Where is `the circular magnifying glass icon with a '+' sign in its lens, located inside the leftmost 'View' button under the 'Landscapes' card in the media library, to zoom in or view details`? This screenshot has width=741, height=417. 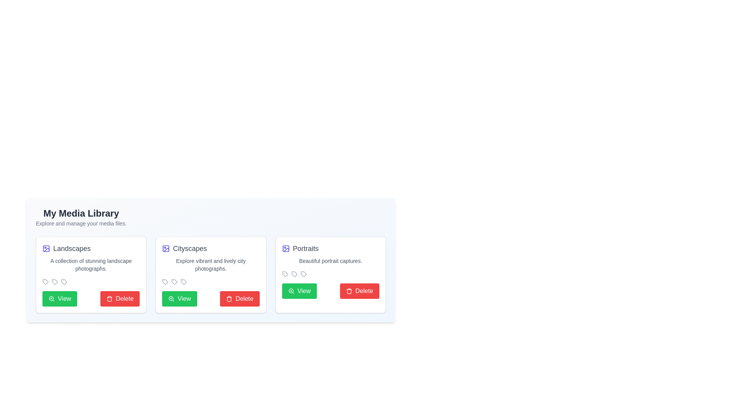
the circular magnifying glass icon with a '+' sign in its lens, located inside the leftmost 'View' button under the 'Landscapes' card in the media library, to zoom in or view details is located at coordinates (51, 298).